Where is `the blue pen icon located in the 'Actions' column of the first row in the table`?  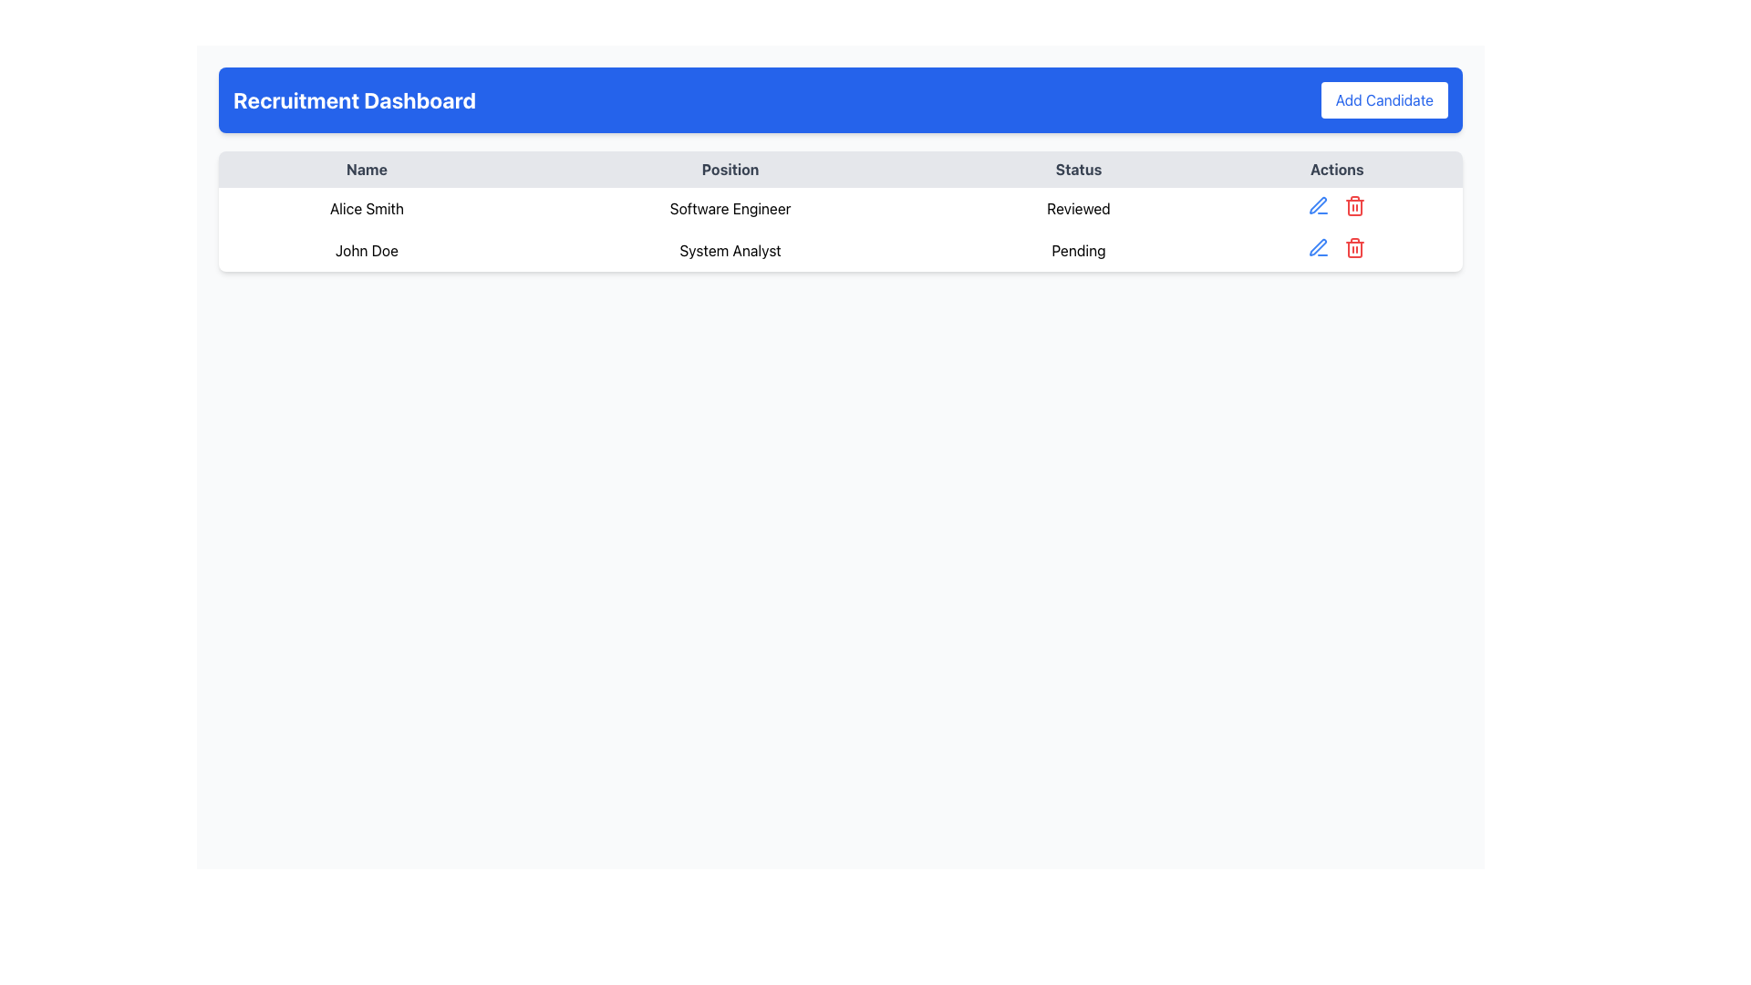
the blue pen icon located in the 'Actions' column of the first row in the table is located at coordinates (1318, 247).